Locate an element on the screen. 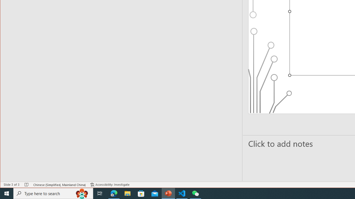 The height and width of the screenshot is (199, 355). 'Microsoft Edge - 1 running window' is located at coordinates (114, 193).